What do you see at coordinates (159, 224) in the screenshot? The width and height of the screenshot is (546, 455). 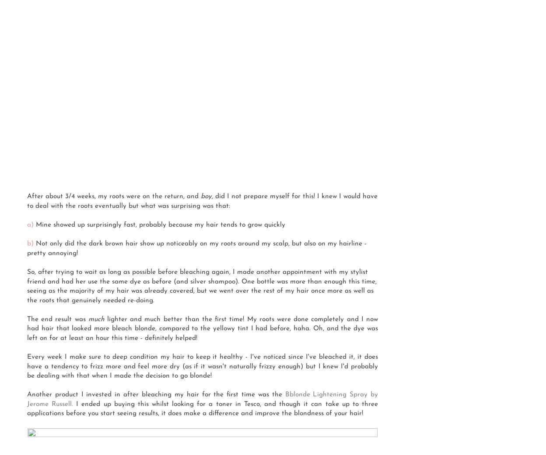 I see `'Mine showed up surprisingly fast, probably because my hair tends to grow quickly'` at bounding box center [159, 224].